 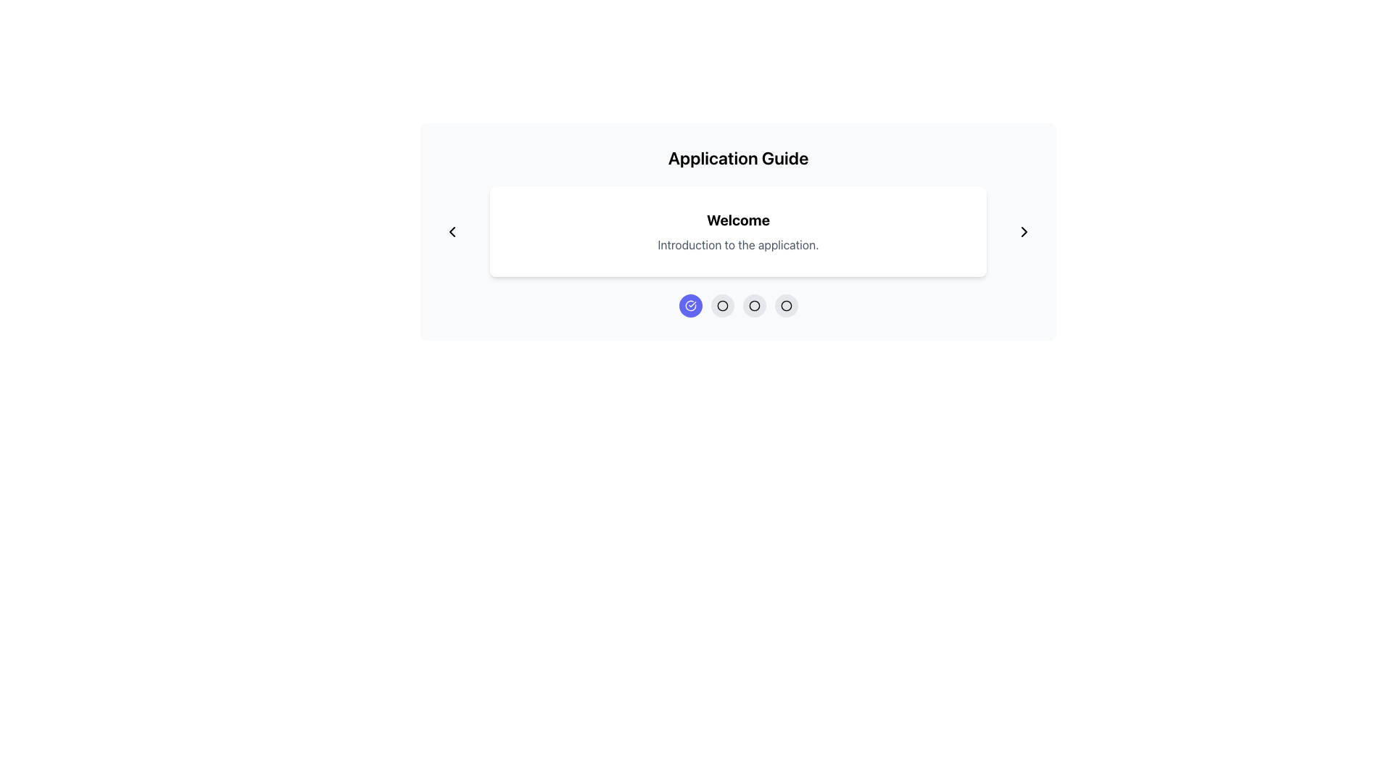 I want to click on the second clickable button or navigation indicator located in the 'Application Guide' section for keyboard navigation, so click(x=738, y=304).